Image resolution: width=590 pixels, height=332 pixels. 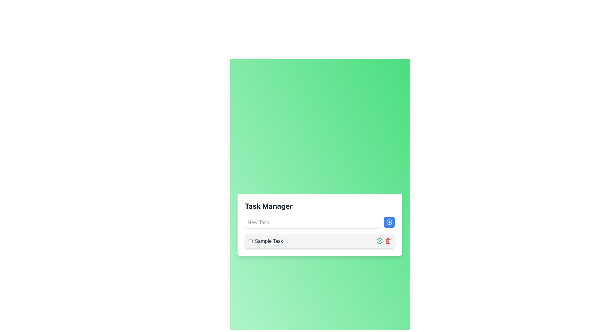 I want to click on text label that provides descriptive information about the specific task item, located to the right of the checkbox, so click(x=269, y=240).